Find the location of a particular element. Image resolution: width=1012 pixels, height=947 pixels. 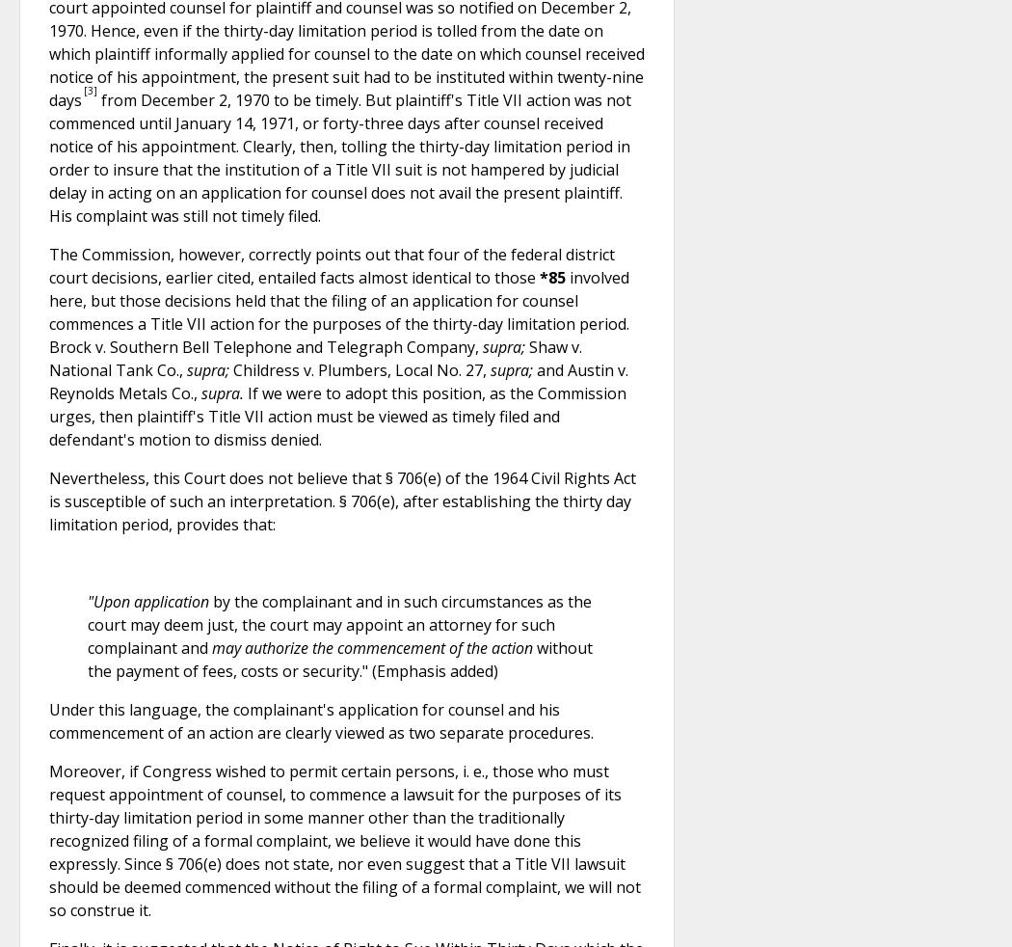

'"Upon application' is located at coordinates (148, 599).